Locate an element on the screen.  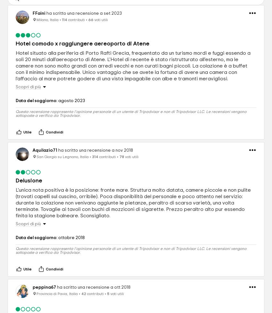
'L'unica nota positiva è la posizione: fronte mare. Struttura molto datata, camere piccole e non pulite (trovati capelli sul cuscino, orribile). Poca disponibilità del personale e poco attento nel servizio: durante la colazione non venivano aggiunte le pietanze, peraltro di scarsa varietà, una volta terminate. Tovaglie ai tavoli con buchi di mozziconi di sigarette. Prezzo peraltro alto pur essendo finita la stagione balneare. Sconsigliato.' is located at coordinates (133, 203).